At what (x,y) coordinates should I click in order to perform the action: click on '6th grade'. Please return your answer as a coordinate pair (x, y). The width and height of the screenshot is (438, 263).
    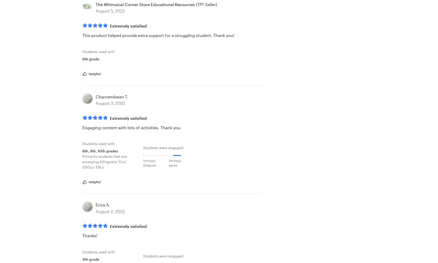
    Looking at the image, I should click on (91, 58).